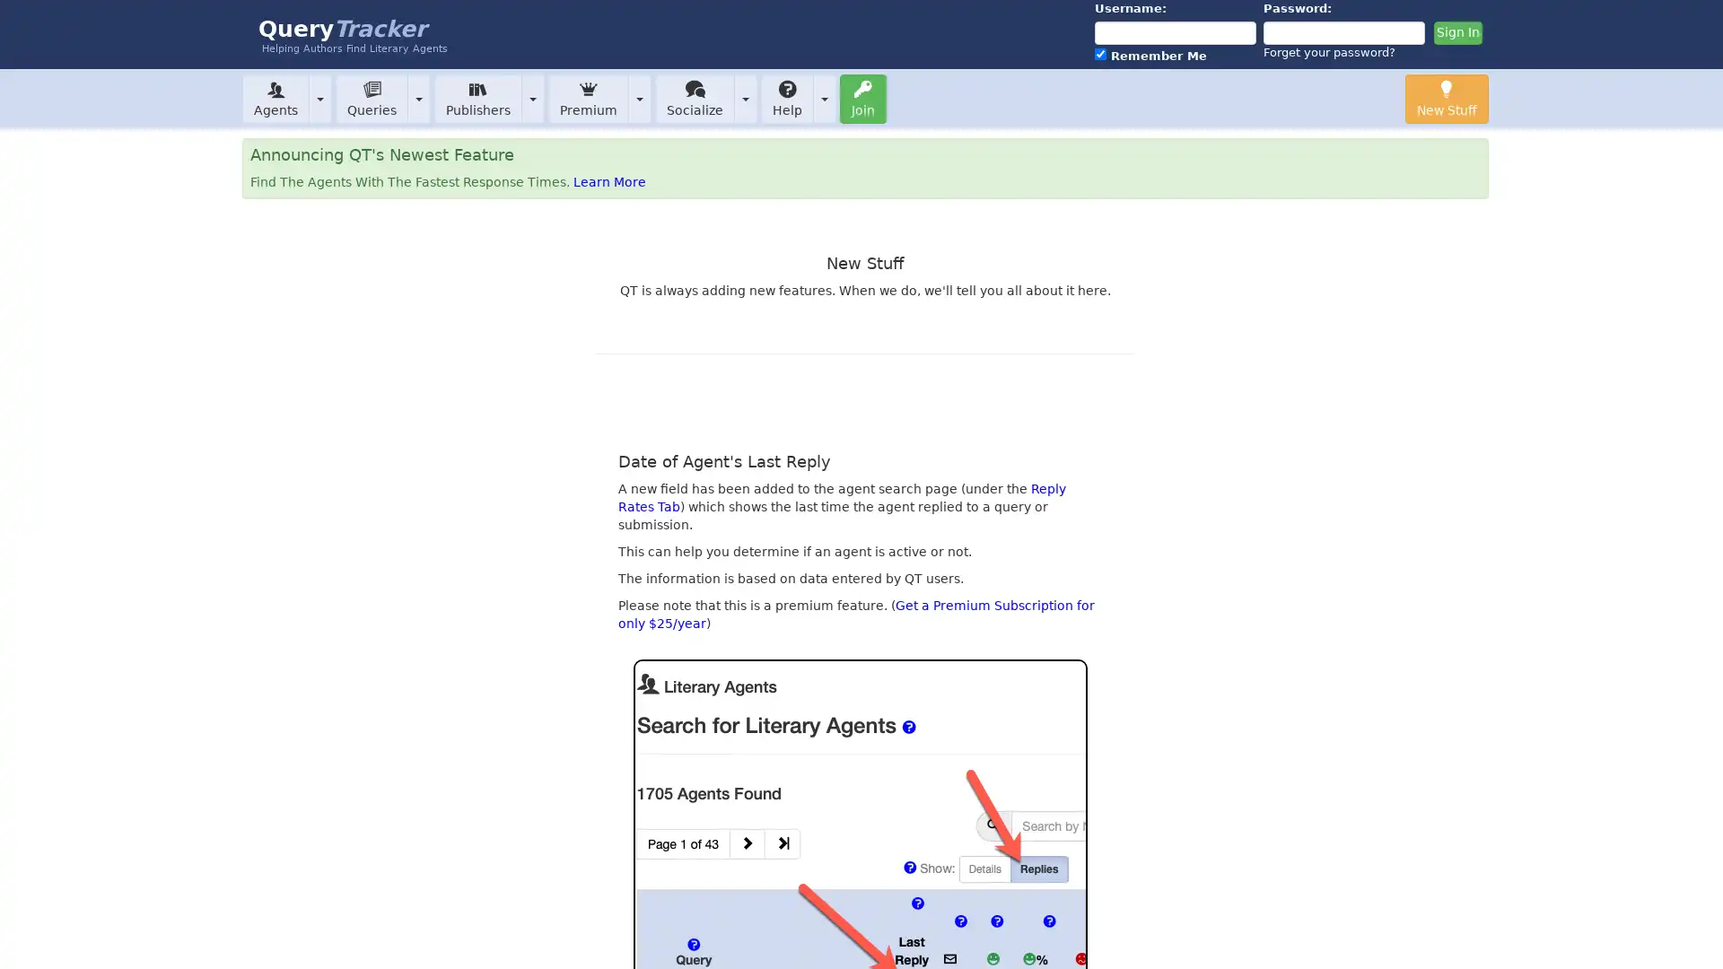 Image resolution: width=1723 pixels, height=969 pixels. What do you see at coordinates (823, 98) in the screenshot?
I see `Toggle Dropdown` at bounding box center [823, 98].